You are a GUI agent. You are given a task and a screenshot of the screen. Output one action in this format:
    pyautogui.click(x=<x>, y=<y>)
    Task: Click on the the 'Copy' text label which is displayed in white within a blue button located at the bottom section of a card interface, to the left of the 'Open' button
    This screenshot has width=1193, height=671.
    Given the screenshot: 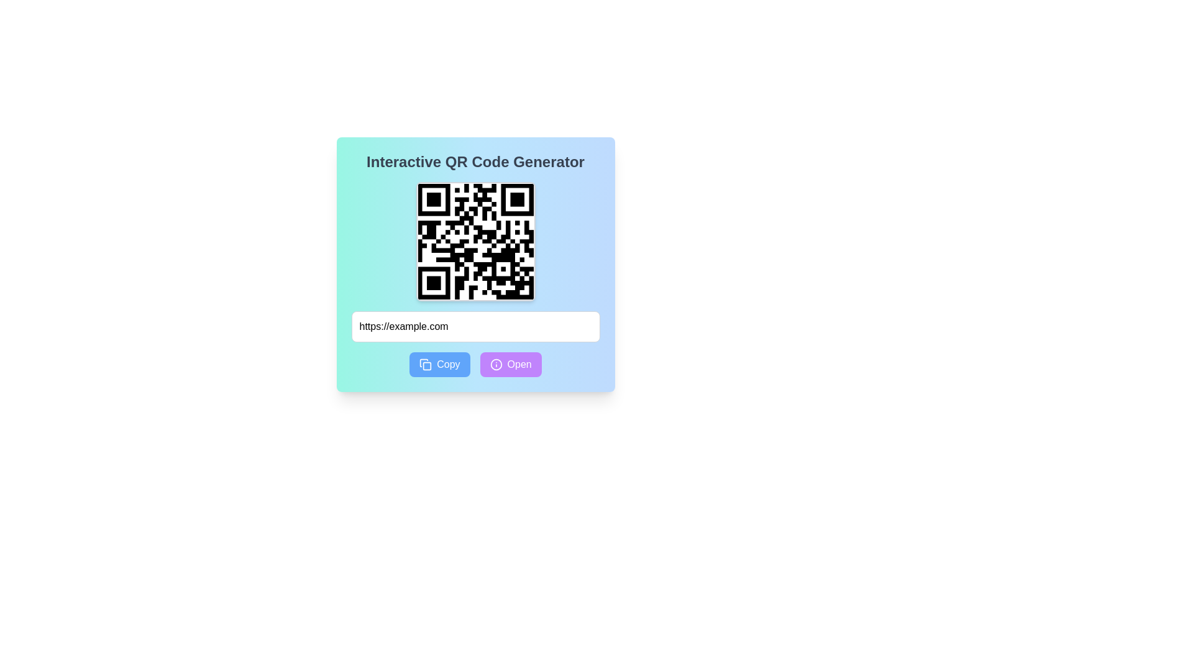 What is the action you would take?
    pyautogui.click(x=447, y=363)
    